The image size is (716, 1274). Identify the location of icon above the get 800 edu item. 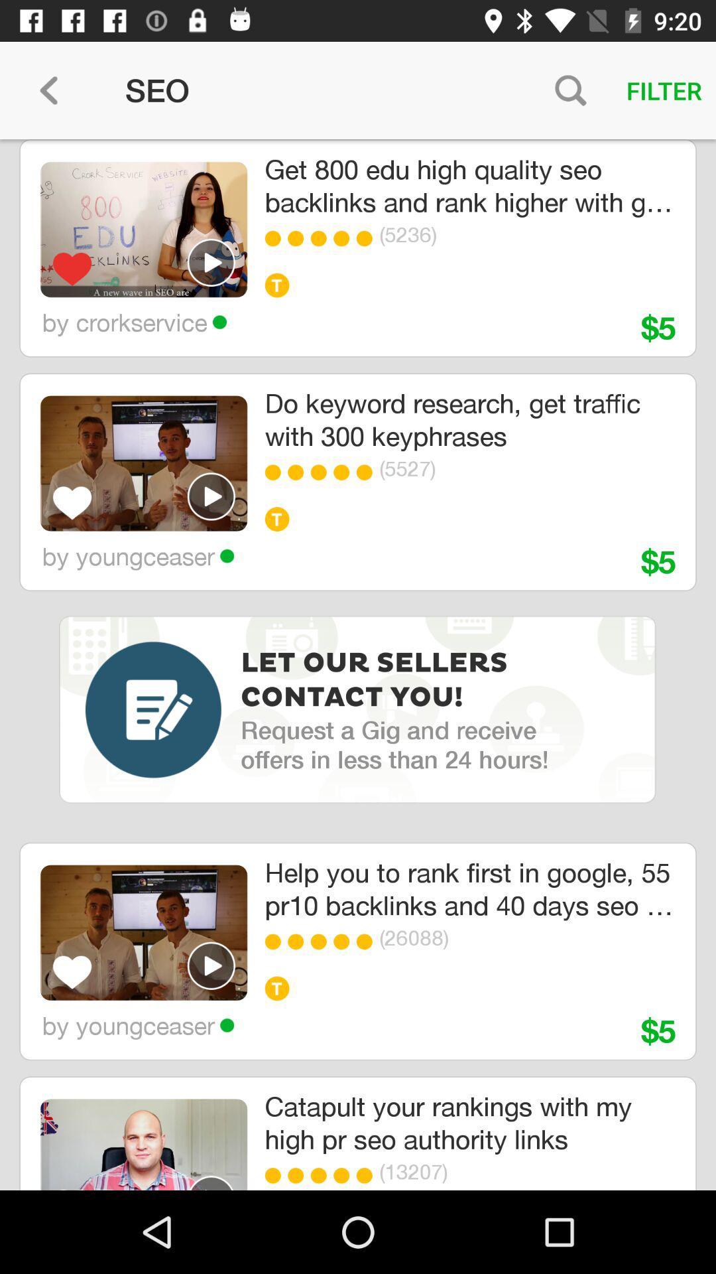
(569, 90).